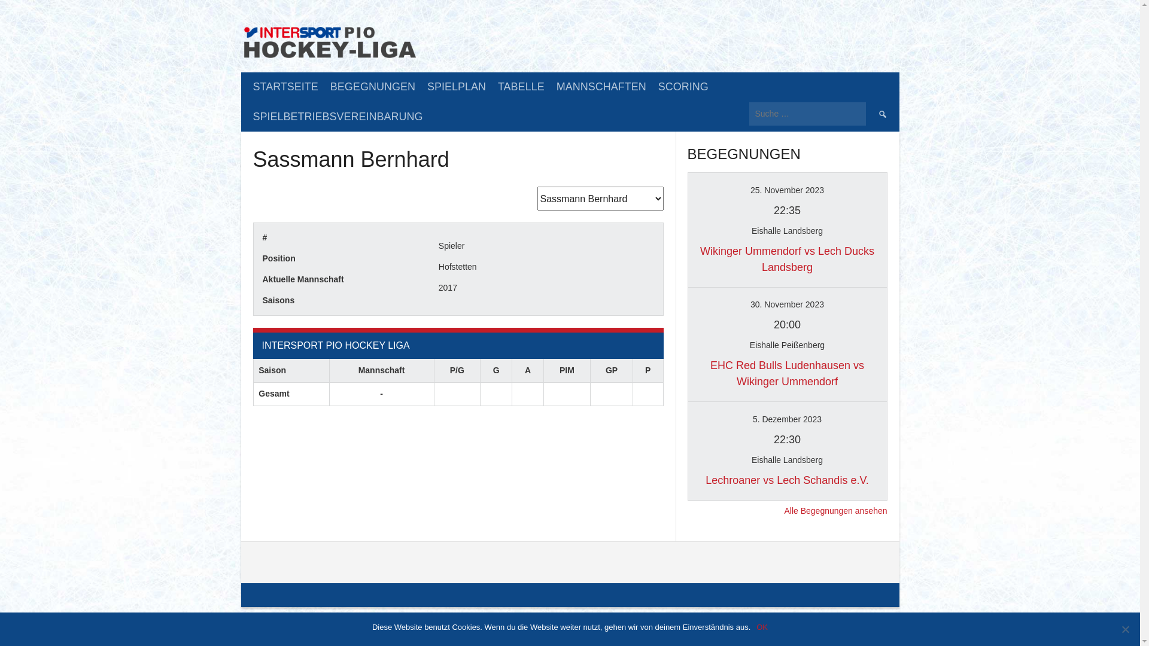  I want to click on 'Wikinger Ummendorf vs Lech Ducks Landsberg', so click(787, 258).